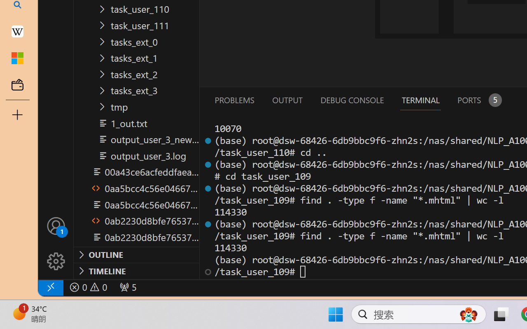 Image resolution: width=527 pixels, height=329 pixels. I want to click on 'No Problems', so click(88, 287).